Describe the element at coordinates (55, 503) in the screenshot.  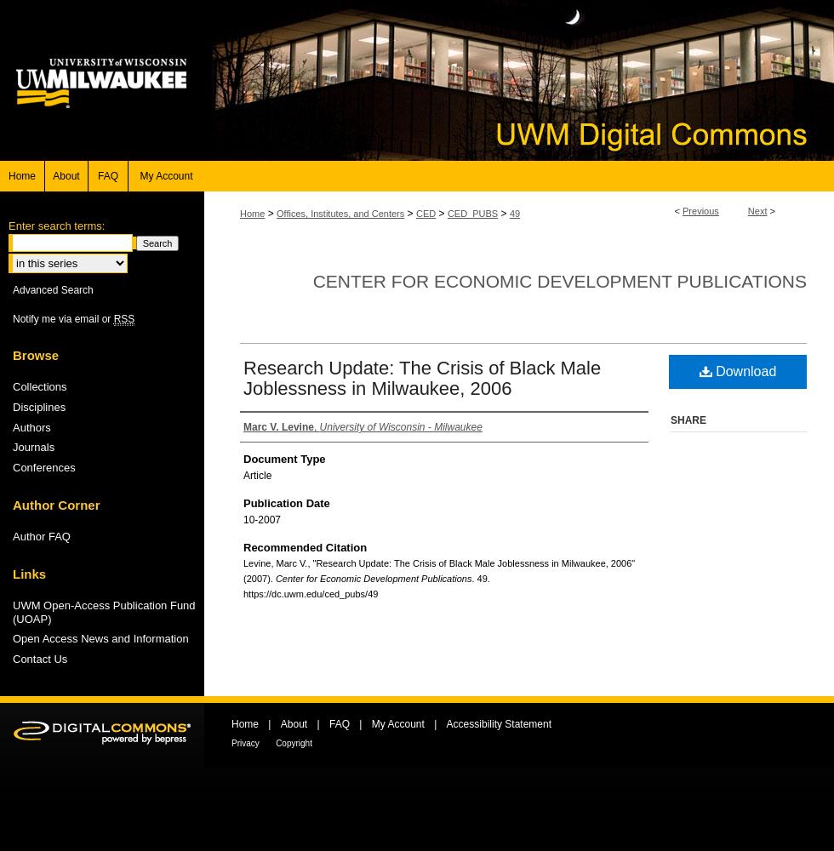
I see `'Author Corner'` at that location.